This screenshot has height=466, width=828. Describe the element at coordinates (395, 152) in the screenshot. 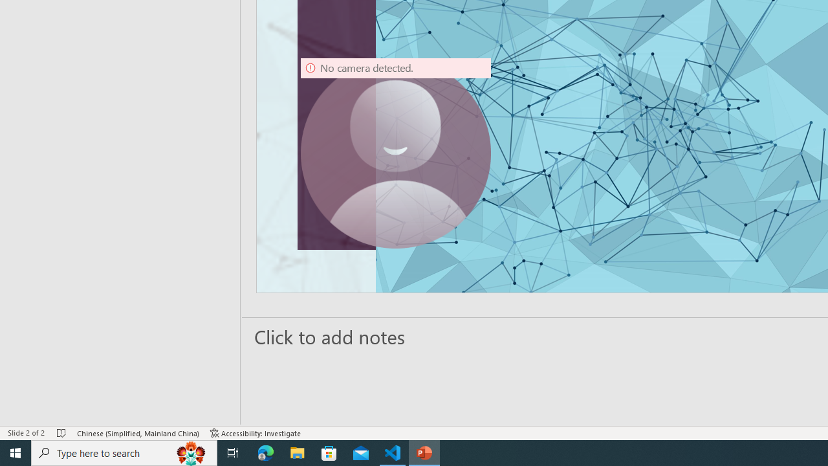

I see `'Camera 9, No camera detected.'` at that location.